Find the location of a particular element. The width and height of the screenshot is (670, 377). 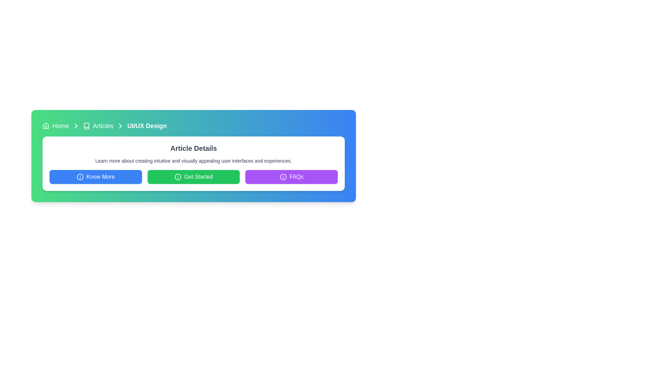

the 'Get Started' button, which is centrally positioned below the 'Article Details' heading, to observe its hover-state styling is located at coordinates (194, 176).